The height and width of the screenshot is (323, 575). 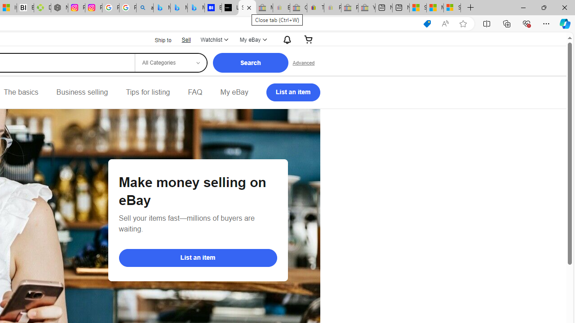 What do you see at coordinates (252, 39) in the screenshot?
I see `'My eBayExpand My eBay'` at bounding box center [252, 39].